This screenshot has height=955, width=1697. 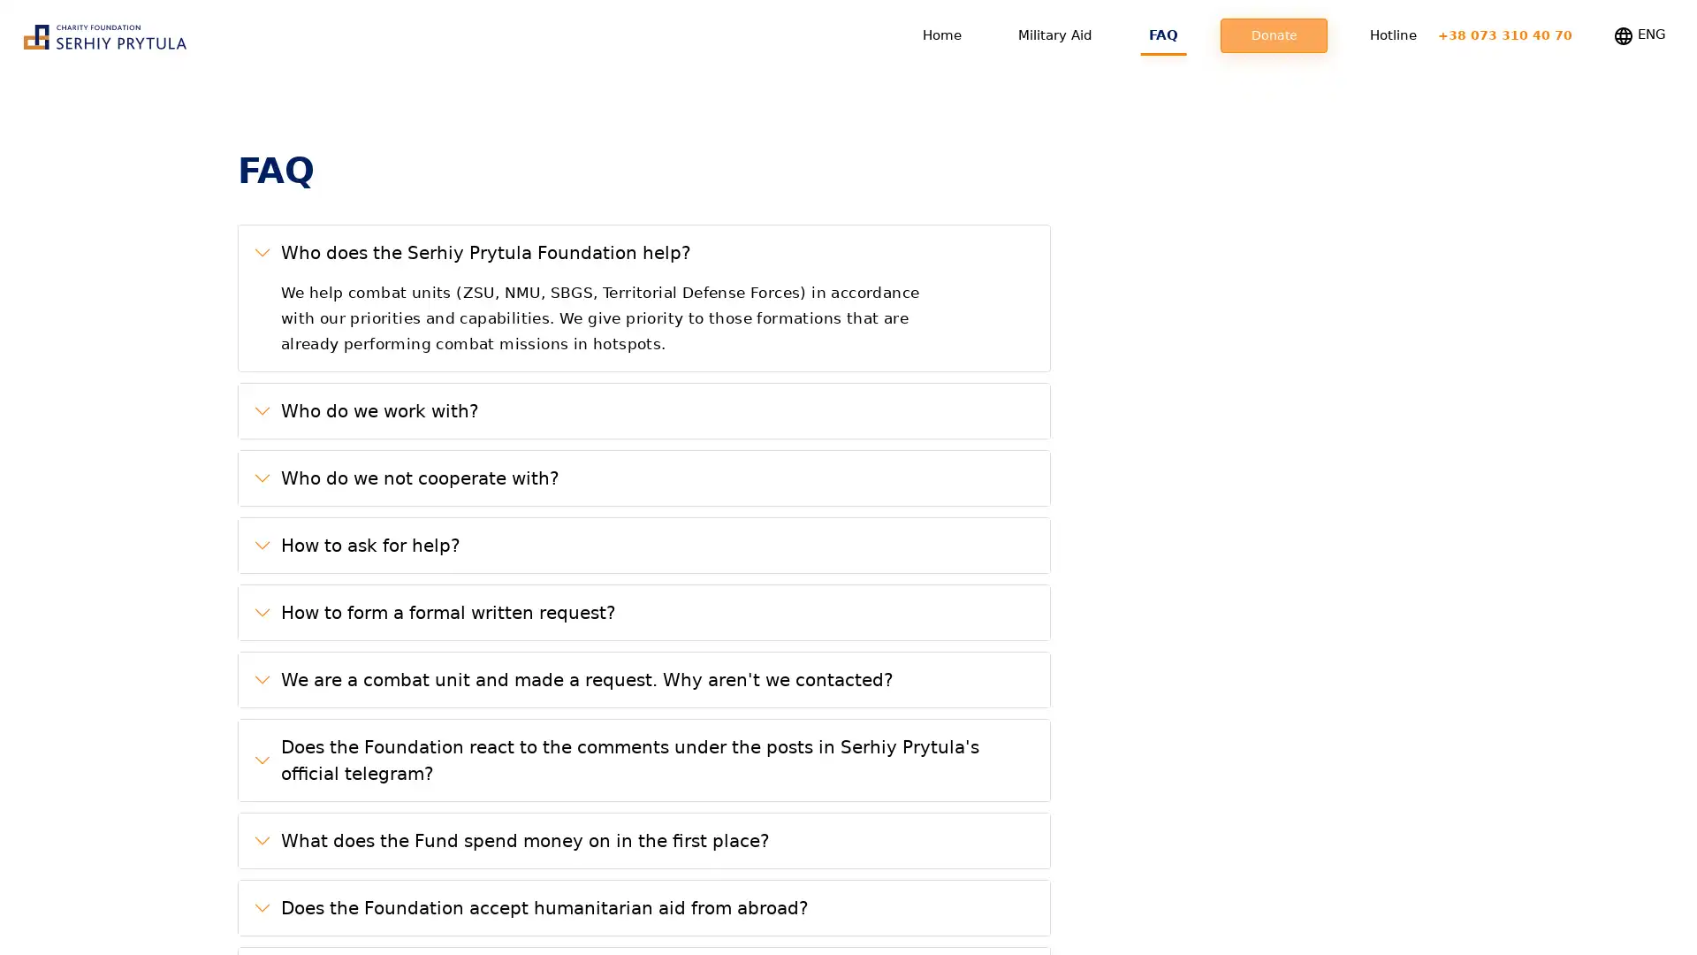 I want to click on Who do we work with?, so click(x=643, y=411).